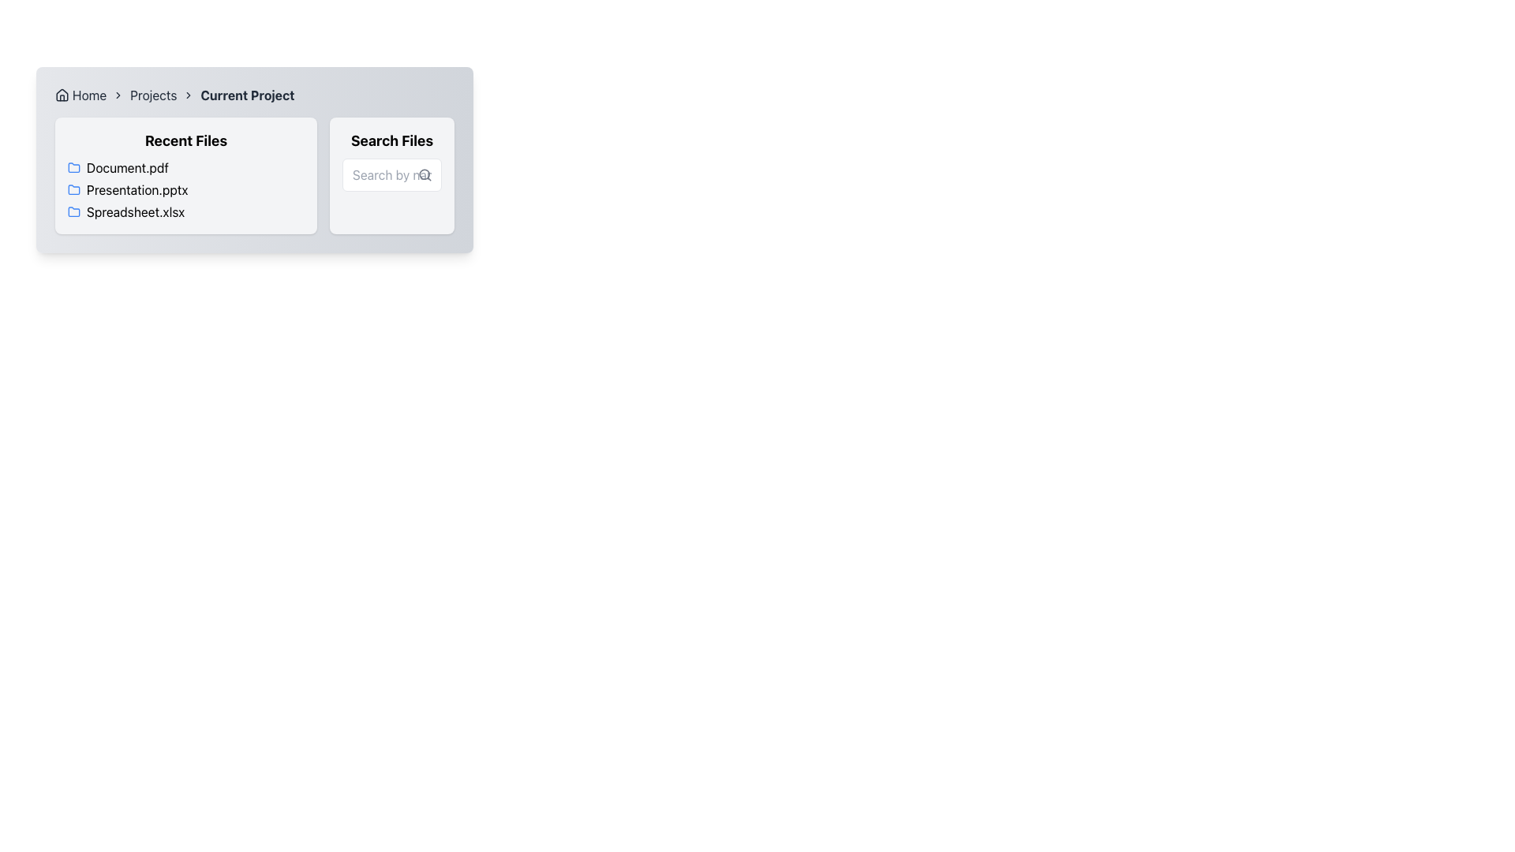 Image resolution: width=1515 pixels, height=852 pixels. I want to click on the folder-style graphic icon located in the 'Recent Files' section of the interface, so click(73, 167).